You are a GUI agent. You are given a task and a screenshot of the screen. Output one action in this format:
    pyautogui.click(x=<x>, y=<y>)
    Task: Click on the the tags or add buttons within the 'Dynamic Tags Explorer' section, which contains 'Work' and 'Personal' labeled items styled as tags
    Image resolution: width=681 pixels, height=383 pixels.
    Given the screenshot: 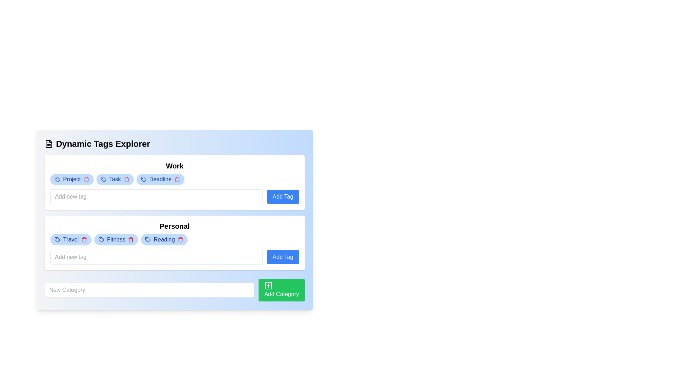 What is the action you would take?
    pyautogui.click(x=175, y=212)
    